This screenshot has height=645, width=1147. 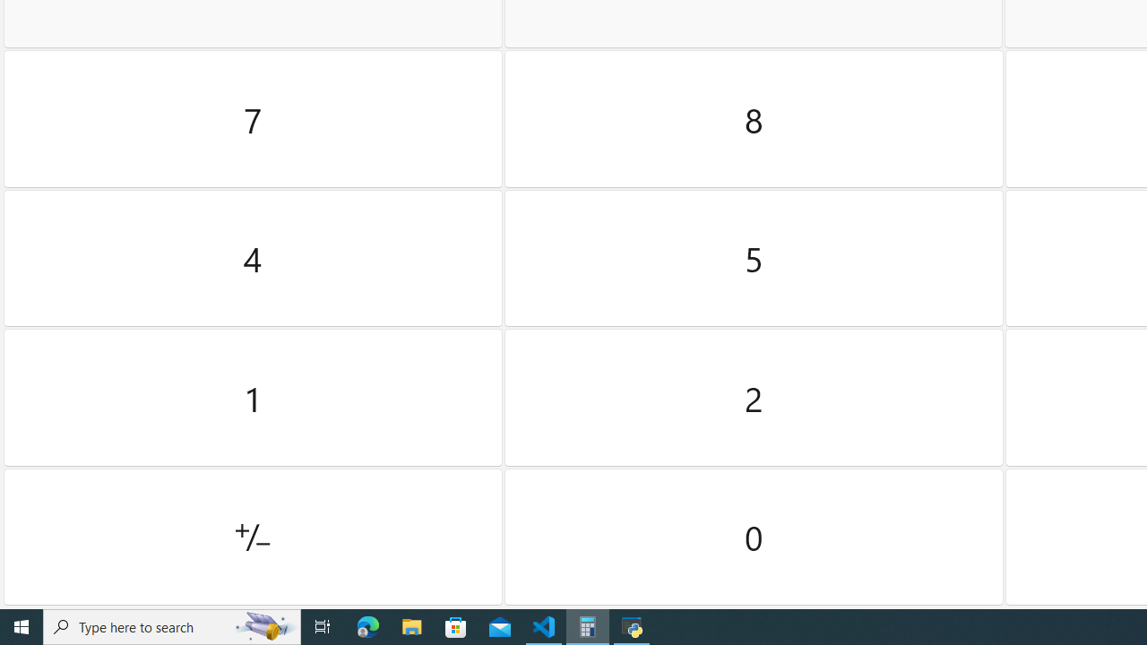 I want to click on 'Positive negative', so click(x=252, y=536).